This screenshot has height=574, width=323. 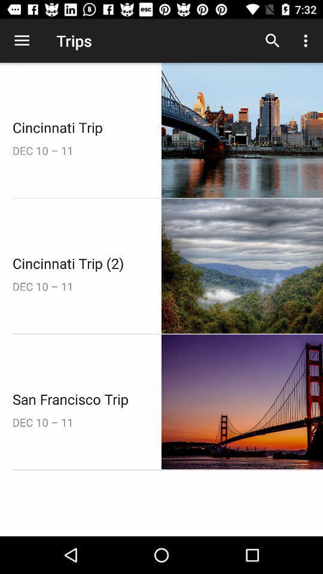 What do you see at coordinates (272, 41) in the screenshot?
I see `the icon to the right of trips item` at bounding box center [272, 41].